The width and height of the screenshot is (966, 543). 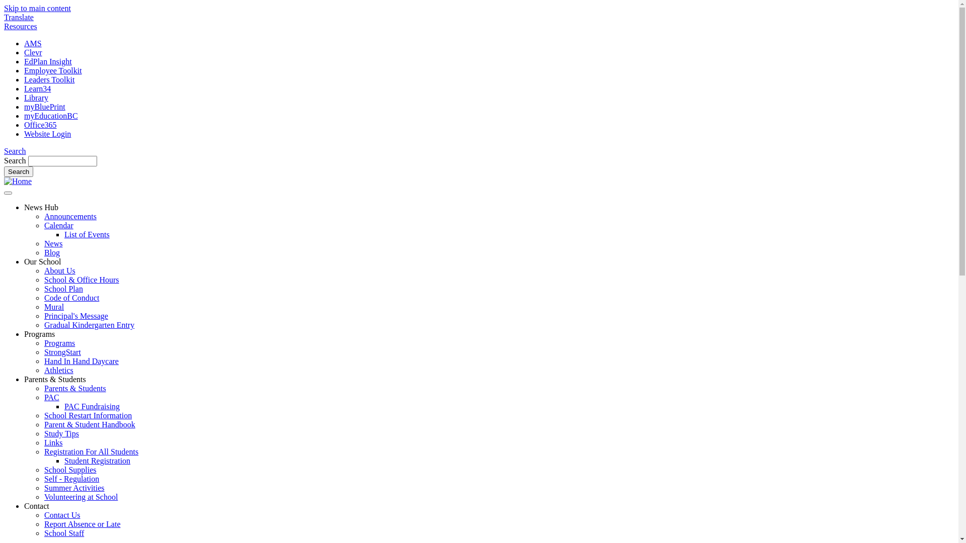 What do you see at coordinates (37, 8) in the screenshot?
I see `'Skip to main content'` at bounding box center [37, 8].